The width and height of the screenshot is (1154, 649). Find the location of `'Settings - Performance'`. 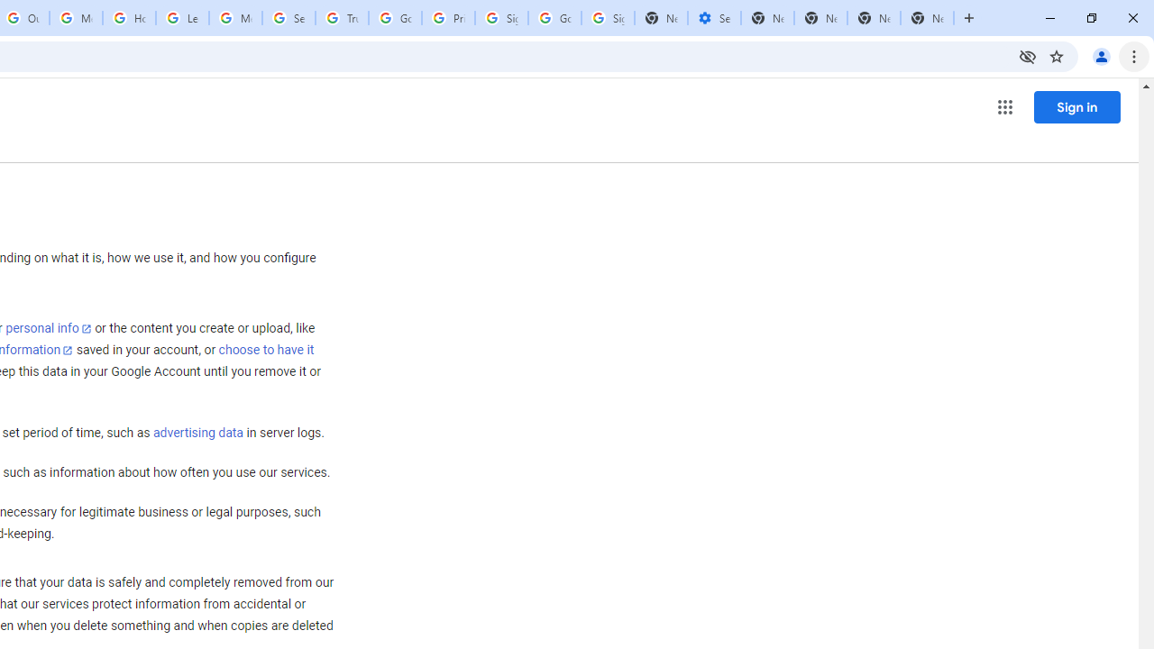

'Settings - Performance' is located at coordinates (713, 18).